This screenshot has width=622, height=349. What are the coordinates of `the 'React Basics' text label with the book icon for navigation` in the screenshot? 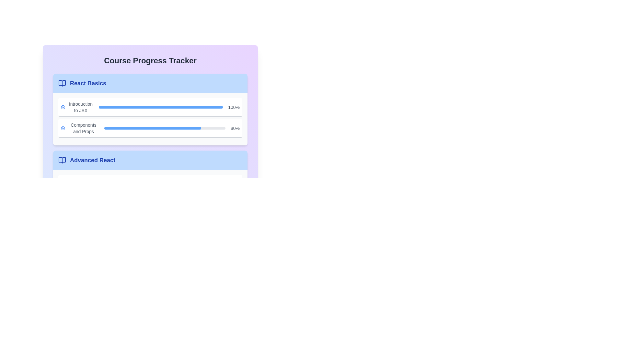 It's located at (82, 83).